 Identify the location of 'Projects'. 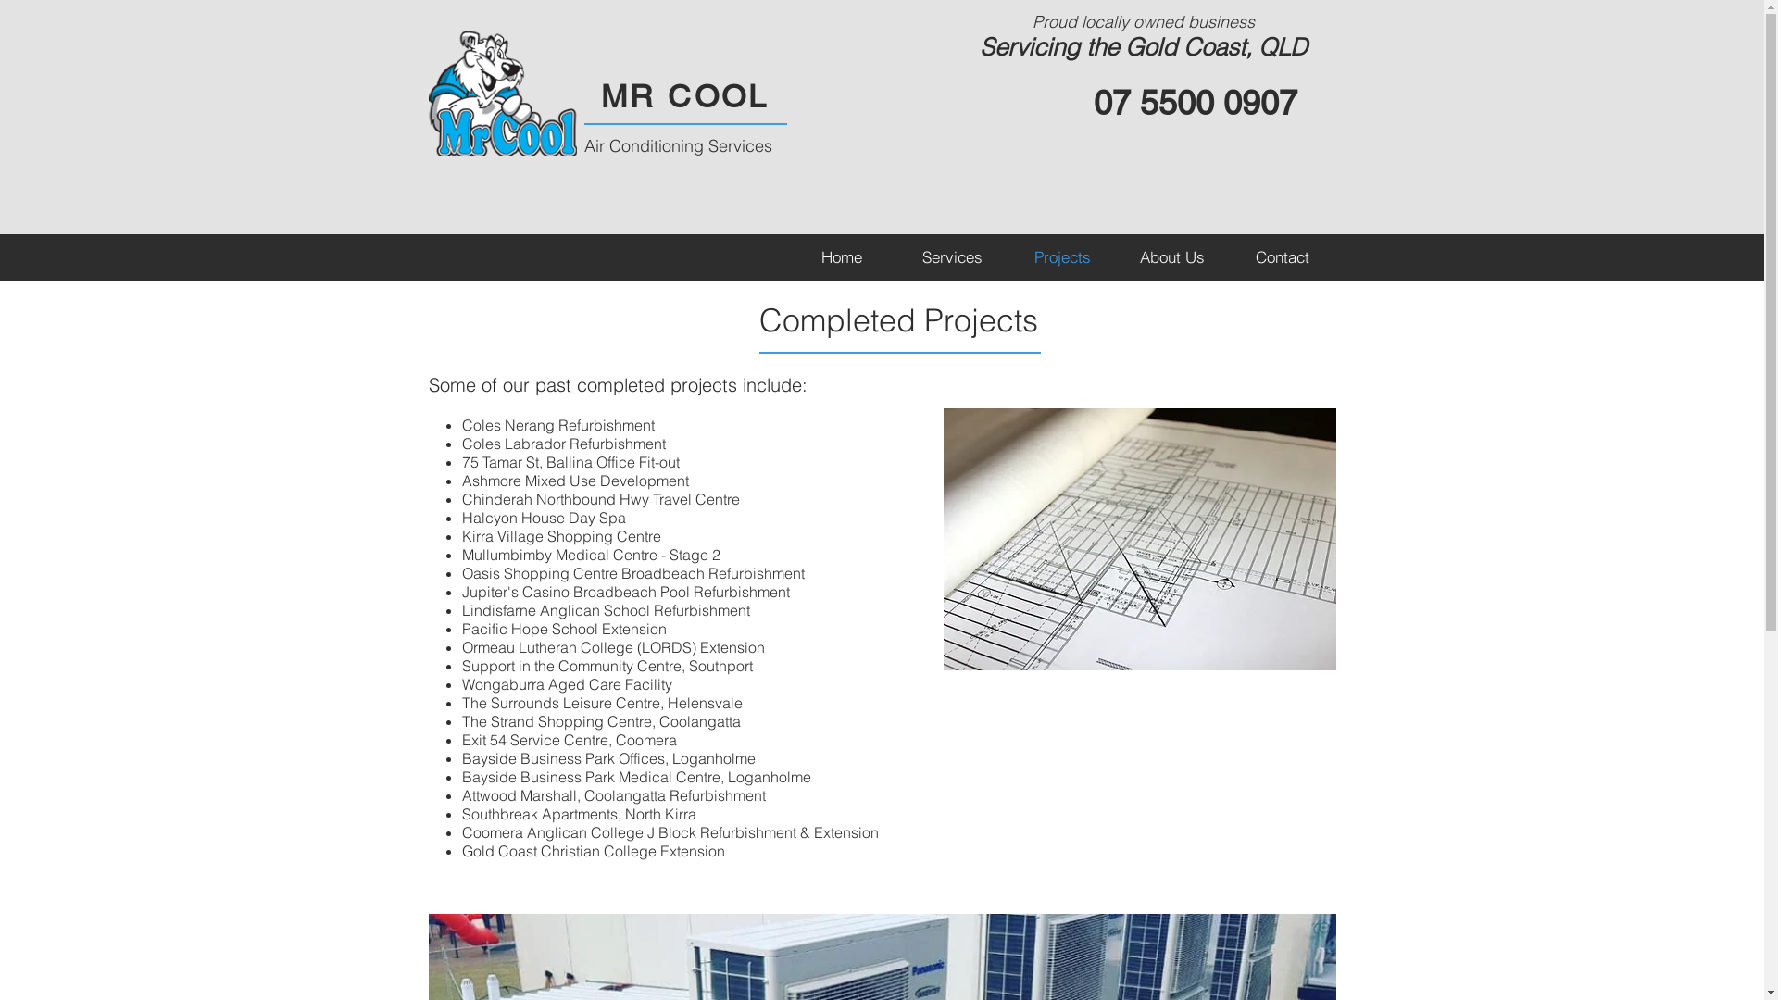
(1007, 256).